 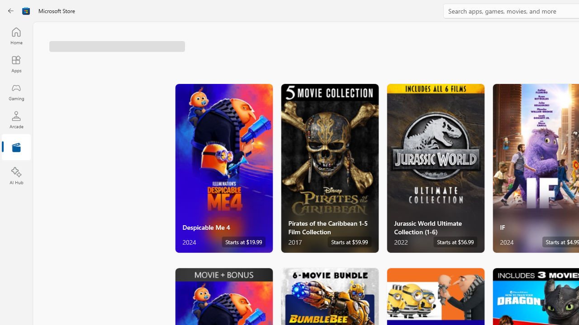 I want to click on 'Back', so click(x=11, y=11).